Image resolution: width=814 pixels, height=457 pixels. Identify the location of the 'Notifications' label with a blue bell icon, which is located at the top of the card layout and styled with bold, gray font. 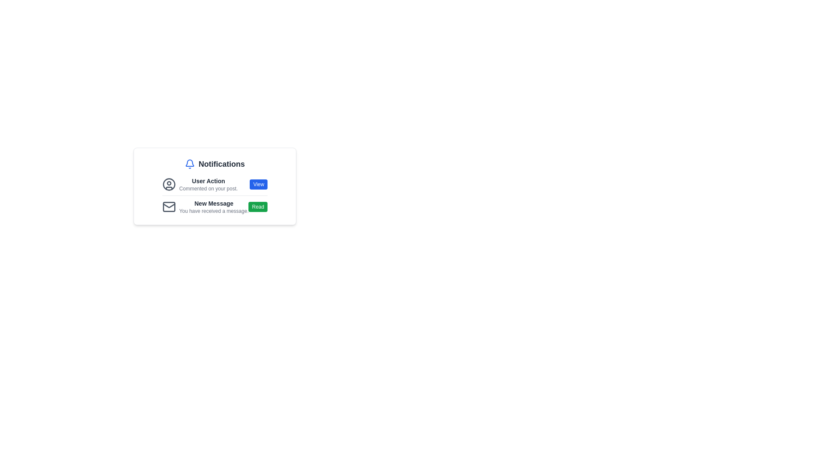
(215, 164).